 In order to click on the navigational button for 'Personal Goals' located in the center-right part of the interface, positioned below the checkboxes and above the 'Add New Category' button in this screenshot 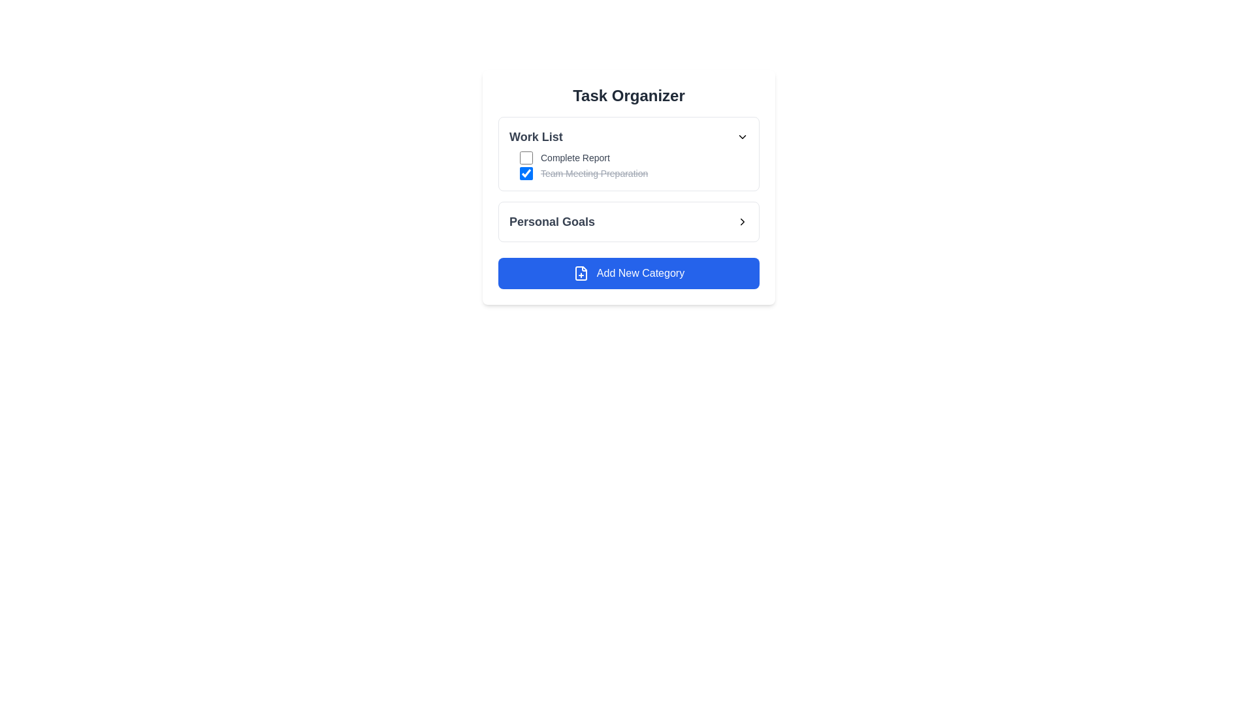, I will do `click(629, 221)`.